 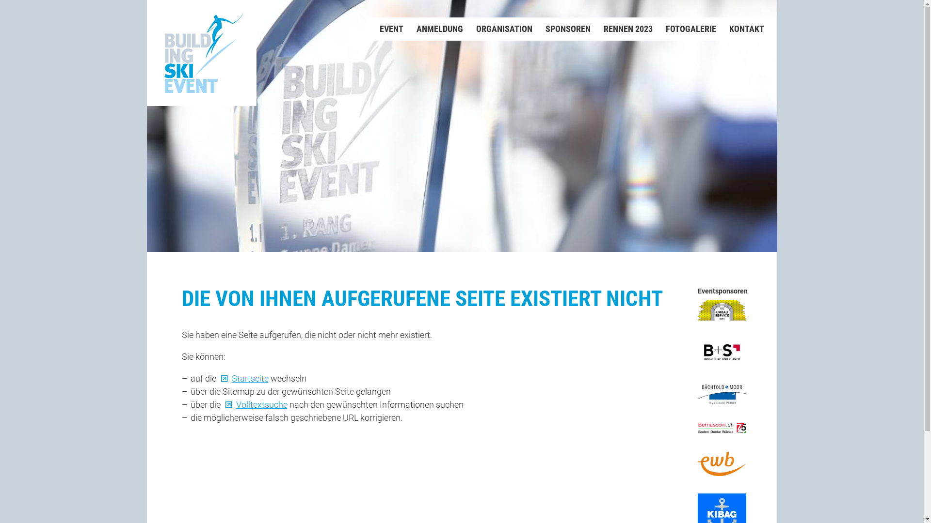 What do you see at coordinates (621, 29) in the screenshot?
I see `'RENNEN 2023'` at bounding box center [621, 29].